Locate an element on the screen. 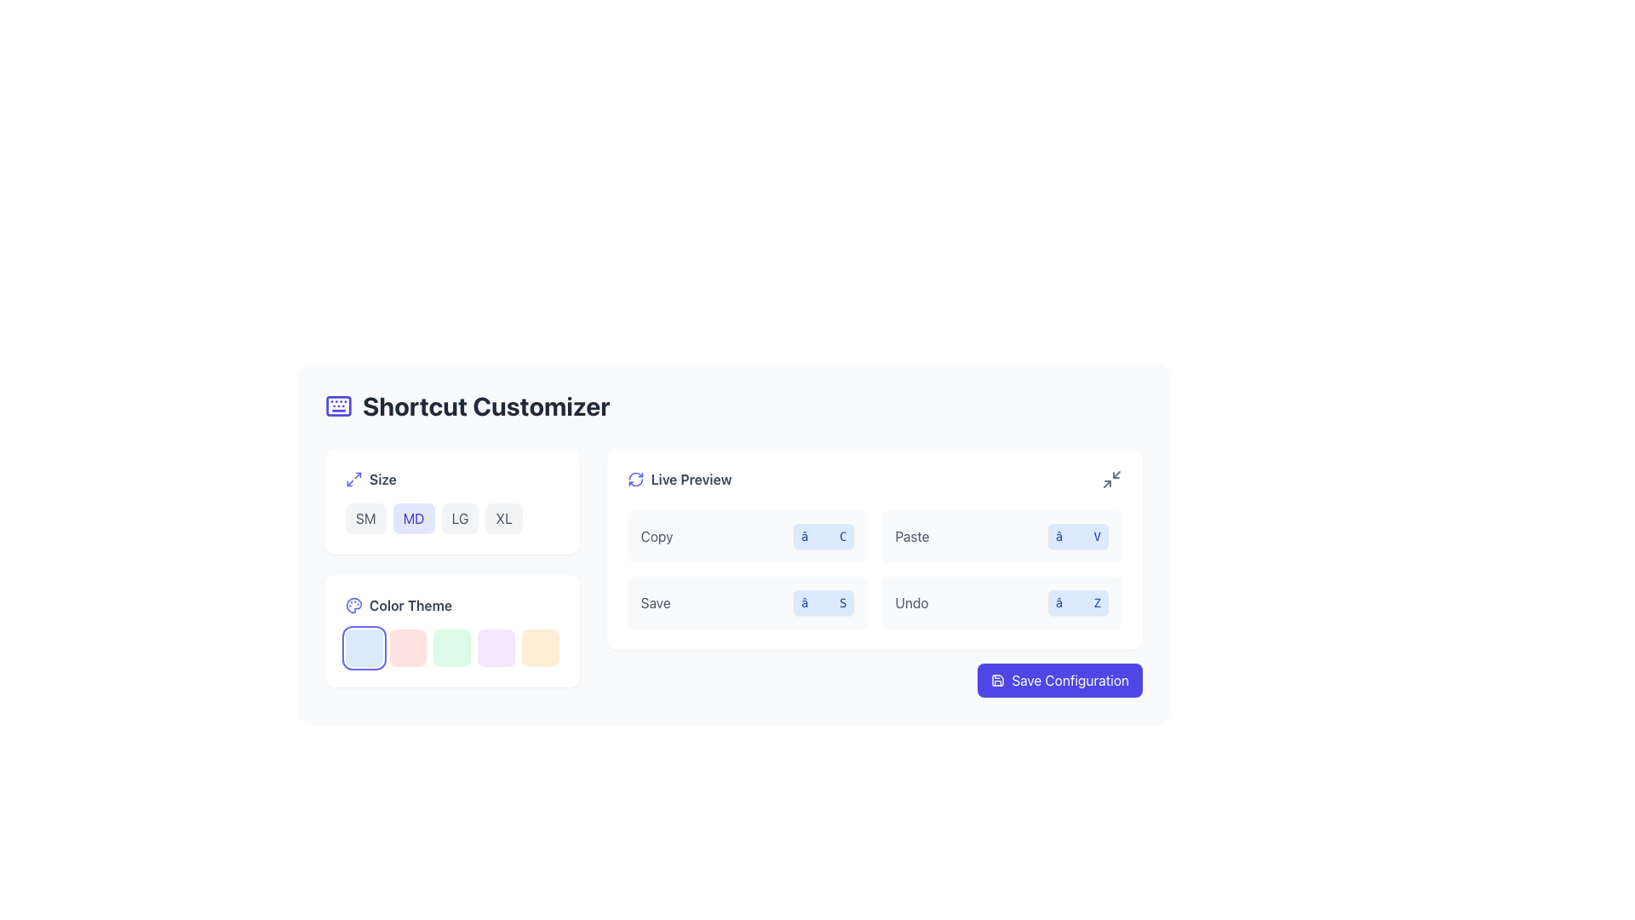 The image size is (1635, 920). the 'MD' size button, which is the second button in the size selection group under the 'Size' header in the Shortcut Customizer interface is located at coordinates (414, 518).